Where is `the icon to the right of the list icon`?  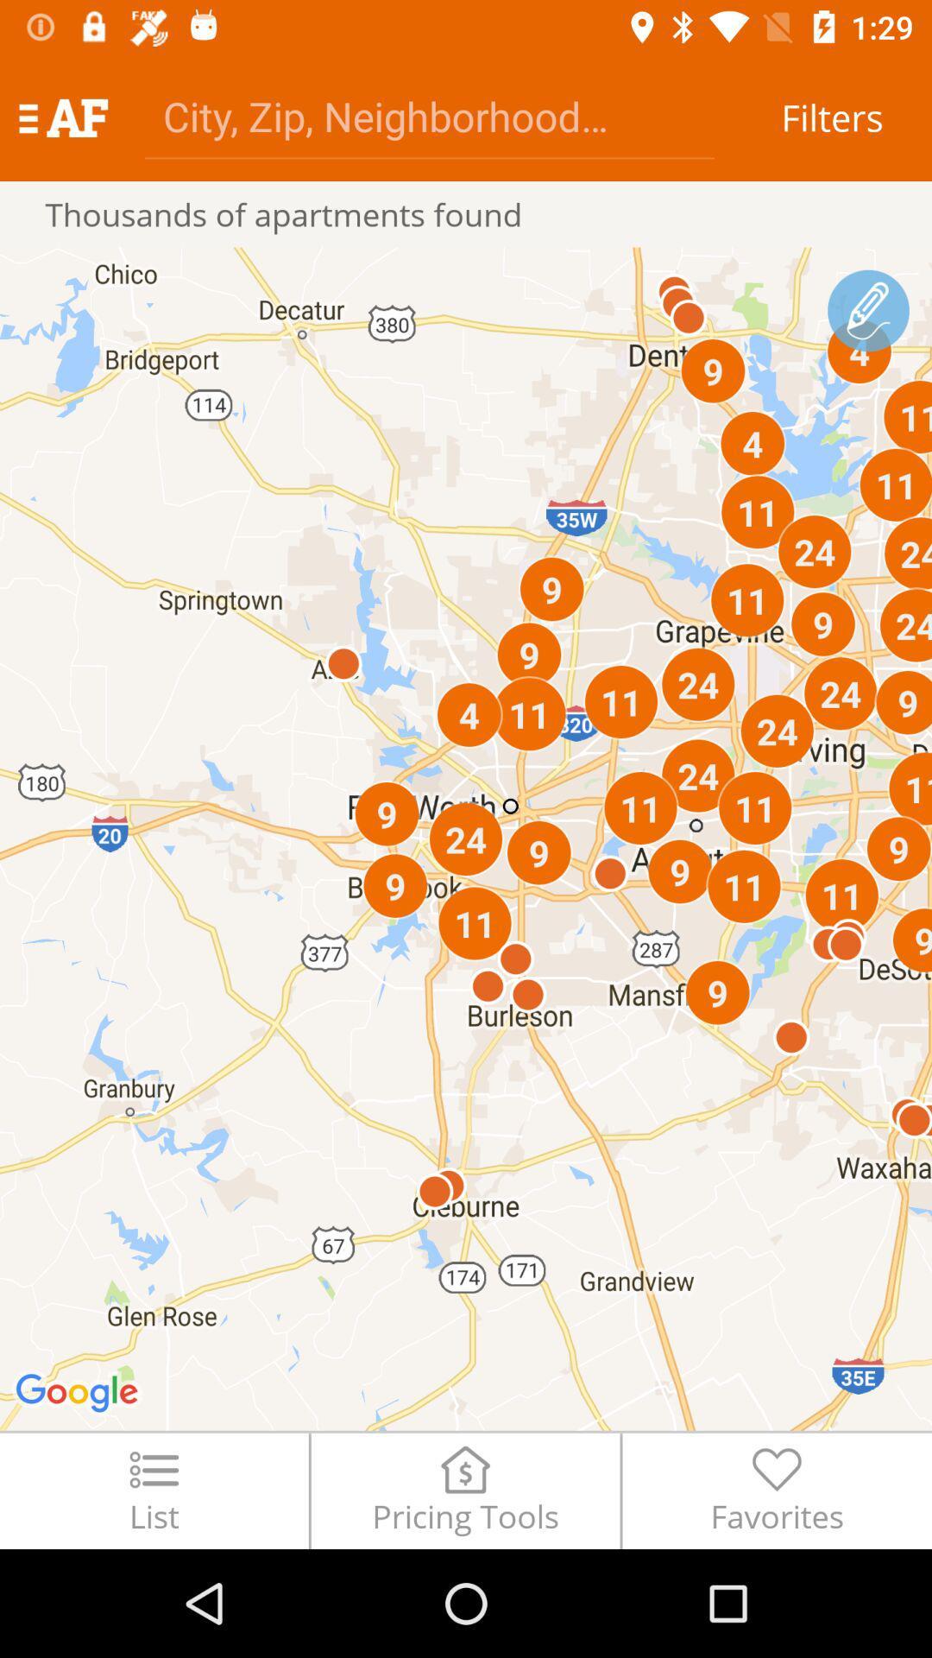
the icon to the right of the list icon is located at coordinates (464, 1490).